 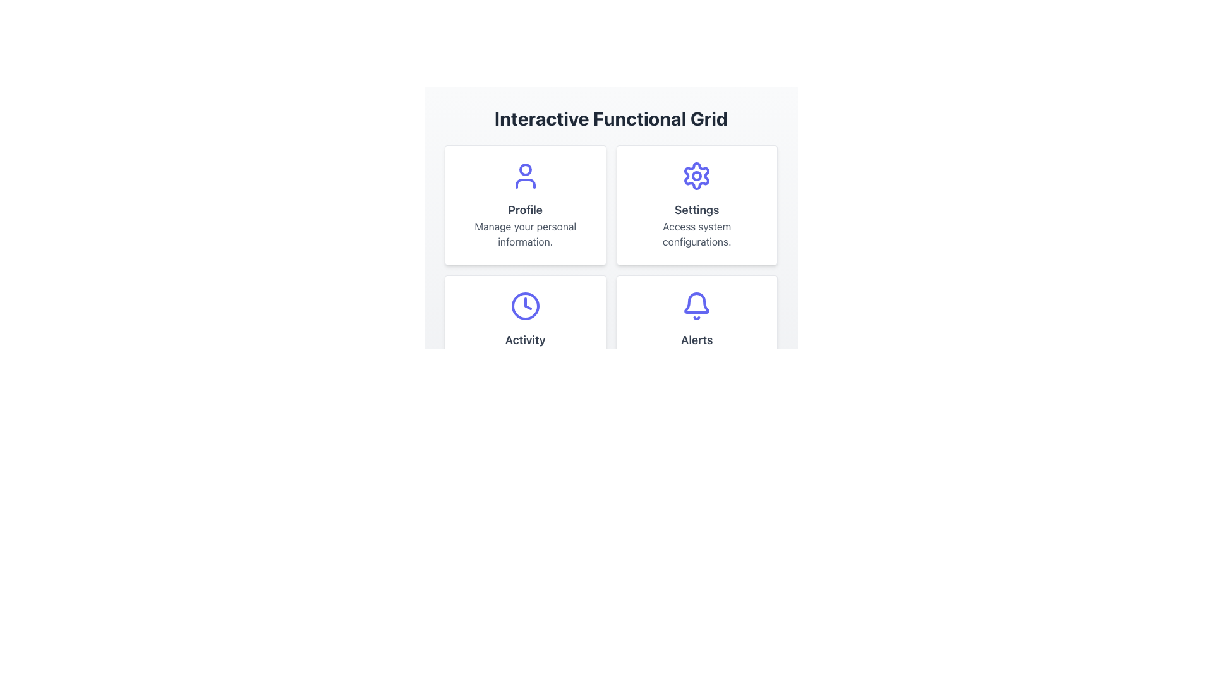 I want to click on the fourth card in the bottom-right area of the 2x2 grid layout, which represents recent notifications, so click(x=696, y=327).